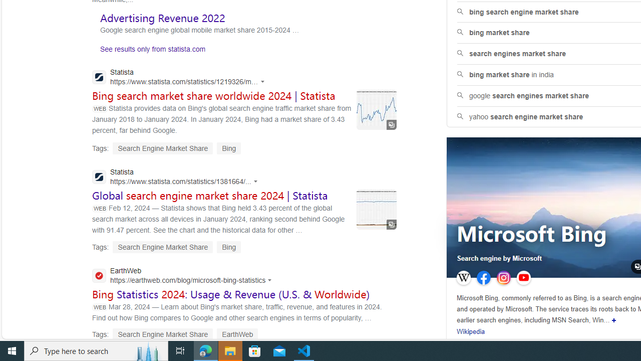 This screenshot has height=361, width=641. Describe the element at coordinates (504, 278) in the screenshot. I see `'Instagram'` at that location.